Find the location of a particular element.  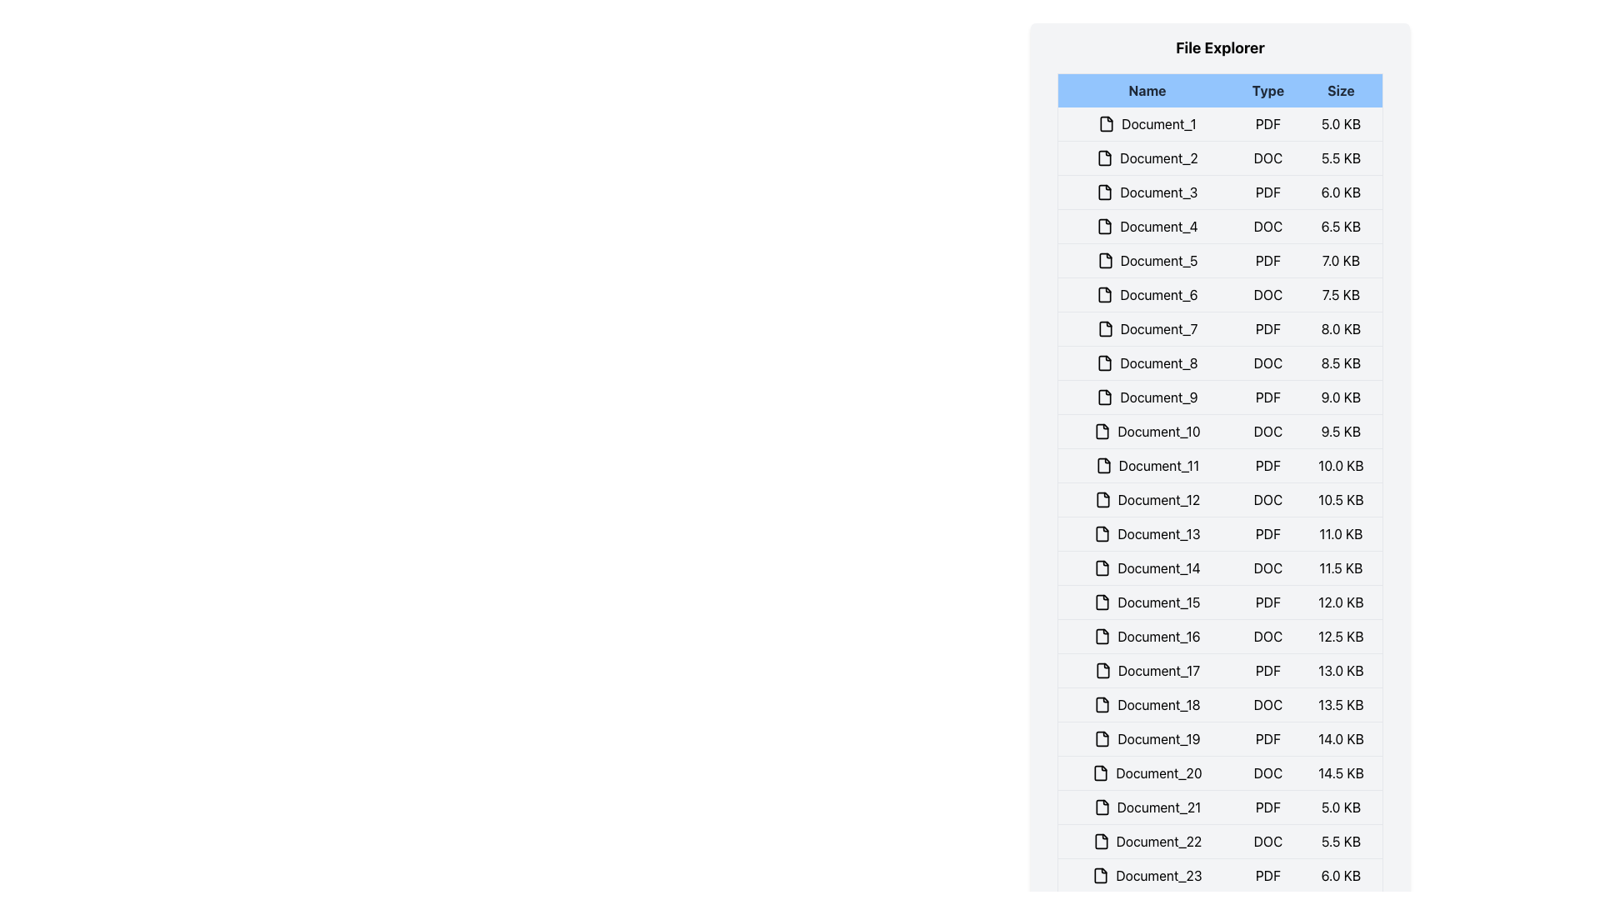

the label indicating the file format of the associated document in the 'Type' column of the table, located between 'Document_1' and '5.0 KB' is located at coordinates (1267, 123).